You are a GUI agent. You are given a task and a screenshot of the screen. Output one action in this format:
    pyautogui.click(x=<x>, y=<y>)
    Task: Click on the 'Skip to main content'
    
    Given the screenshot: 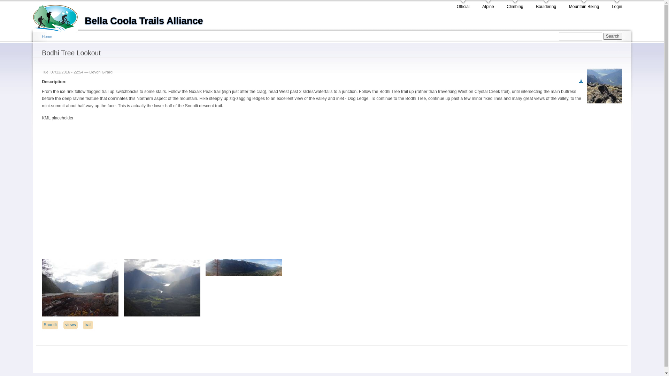 What is the action you would take?
    pyautogui.click(x=319, y=1)
    